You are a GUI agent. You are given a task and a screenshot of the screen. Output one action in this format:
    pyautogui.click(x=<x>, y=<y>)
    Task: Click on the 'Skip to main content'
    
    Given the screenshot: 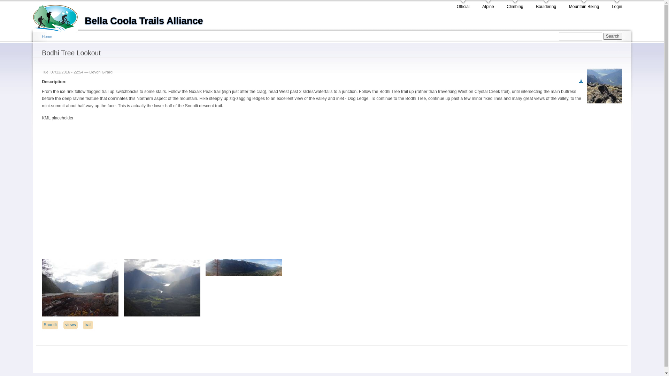 What is the action you would take?
    pyautogui.click(x=319, y=1)
    